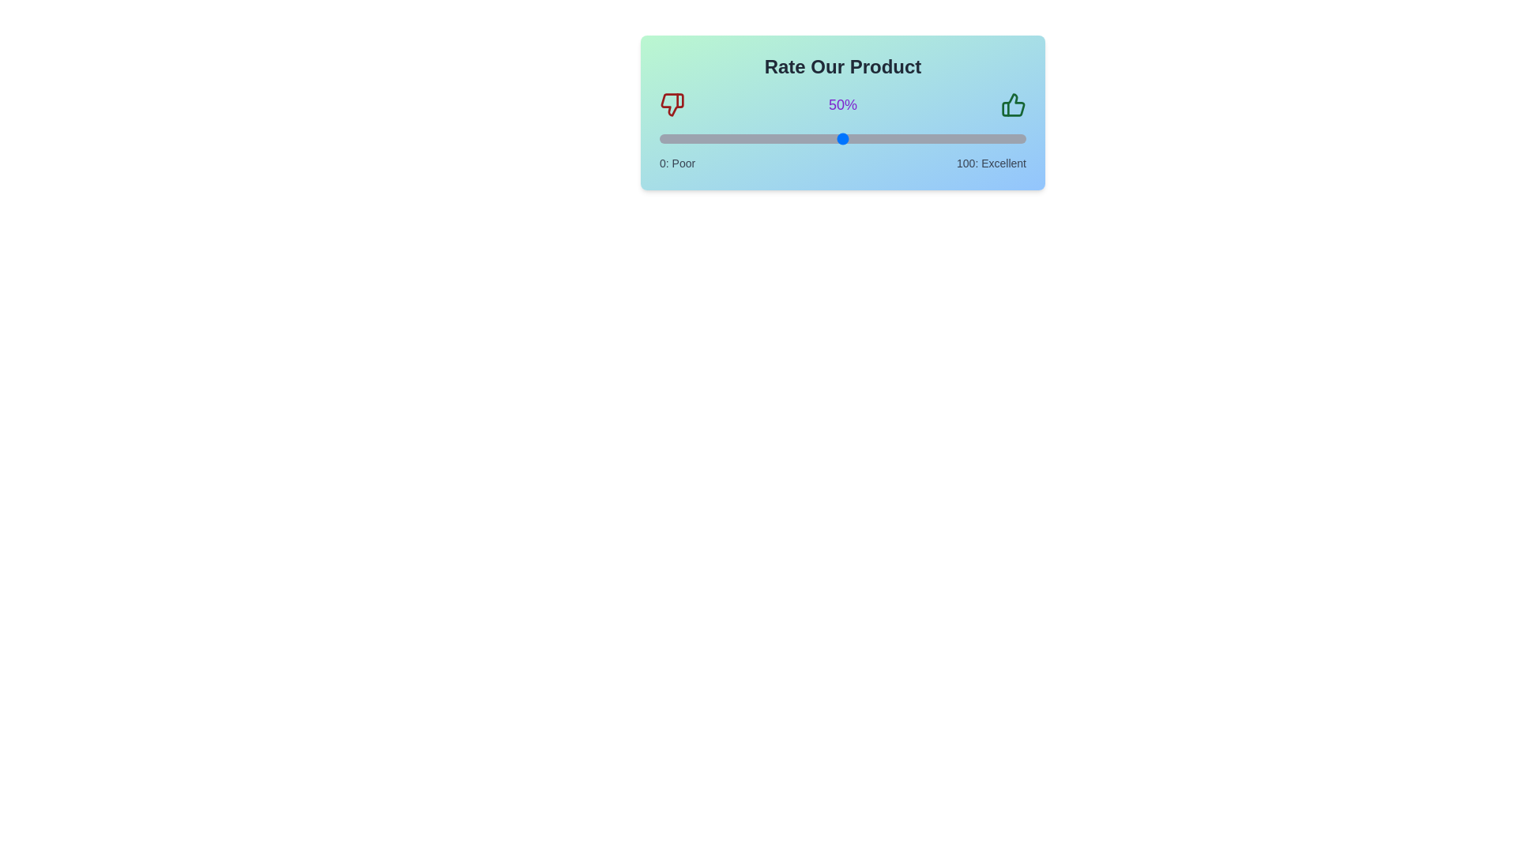 This screenshot has width=1517, height=853. I want to click on the slider to set the rating to 89%, so click(985, 138).